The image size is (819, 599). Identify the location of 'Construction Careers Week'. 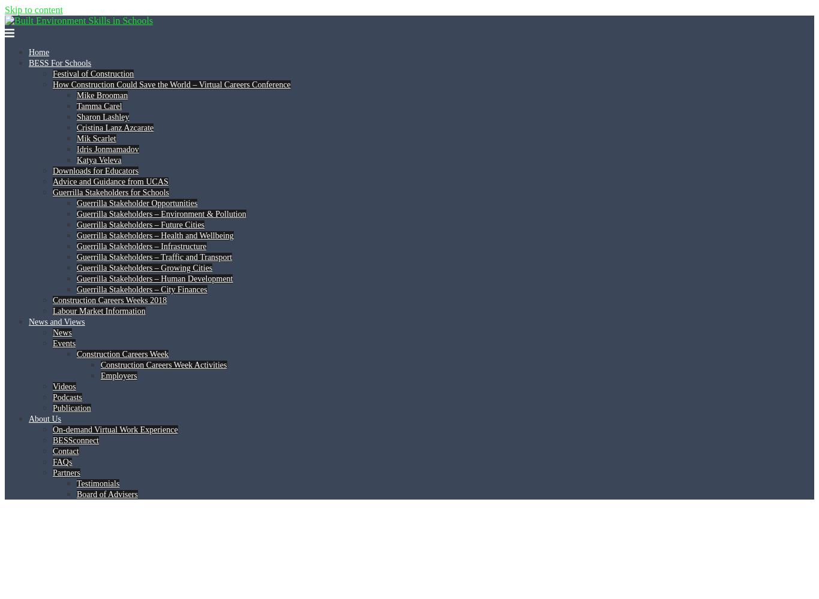
(122, 353).